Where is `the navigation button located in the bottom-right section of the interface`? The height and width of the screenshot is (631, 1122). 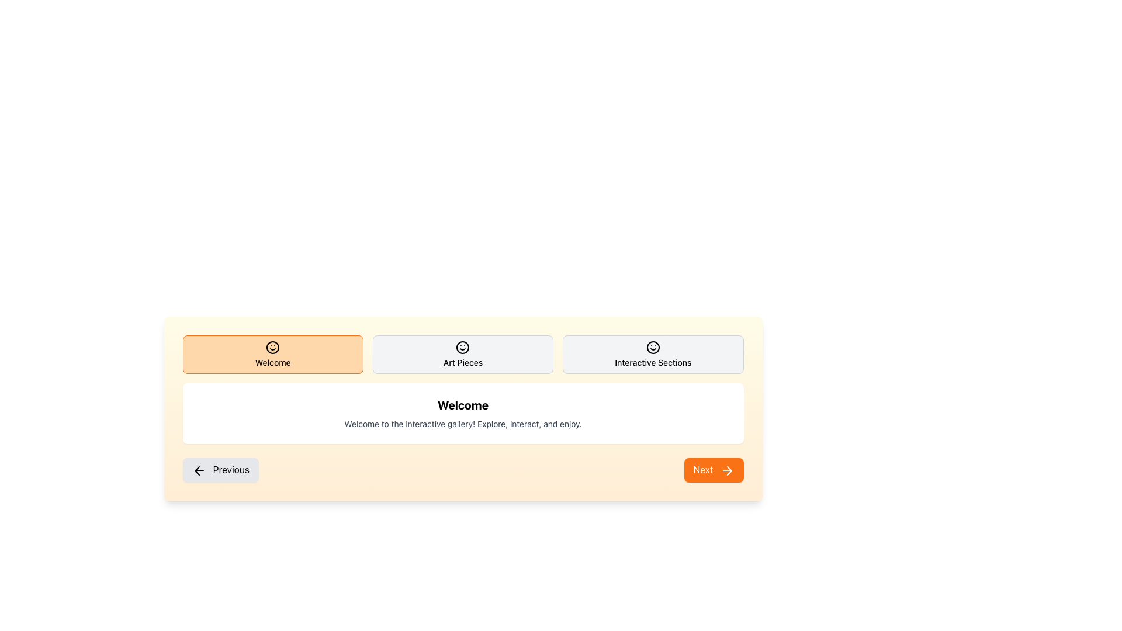 the navigation button located in the bottom-right section of the interface is located at coordinates (713, 469).